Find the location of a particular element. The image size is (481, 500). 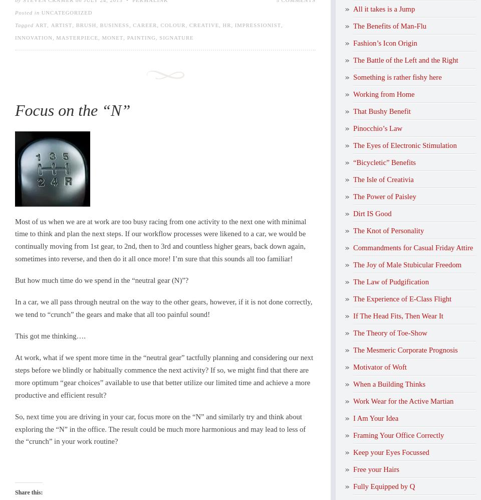

'So, next time you are driving in your car, focus more on the “N” and similarly try and think about exploring the “N” in the office. The result could be much more harmonious and may lead to less of the “crunch” in your work routine?' is located at coordinates (14, 429).